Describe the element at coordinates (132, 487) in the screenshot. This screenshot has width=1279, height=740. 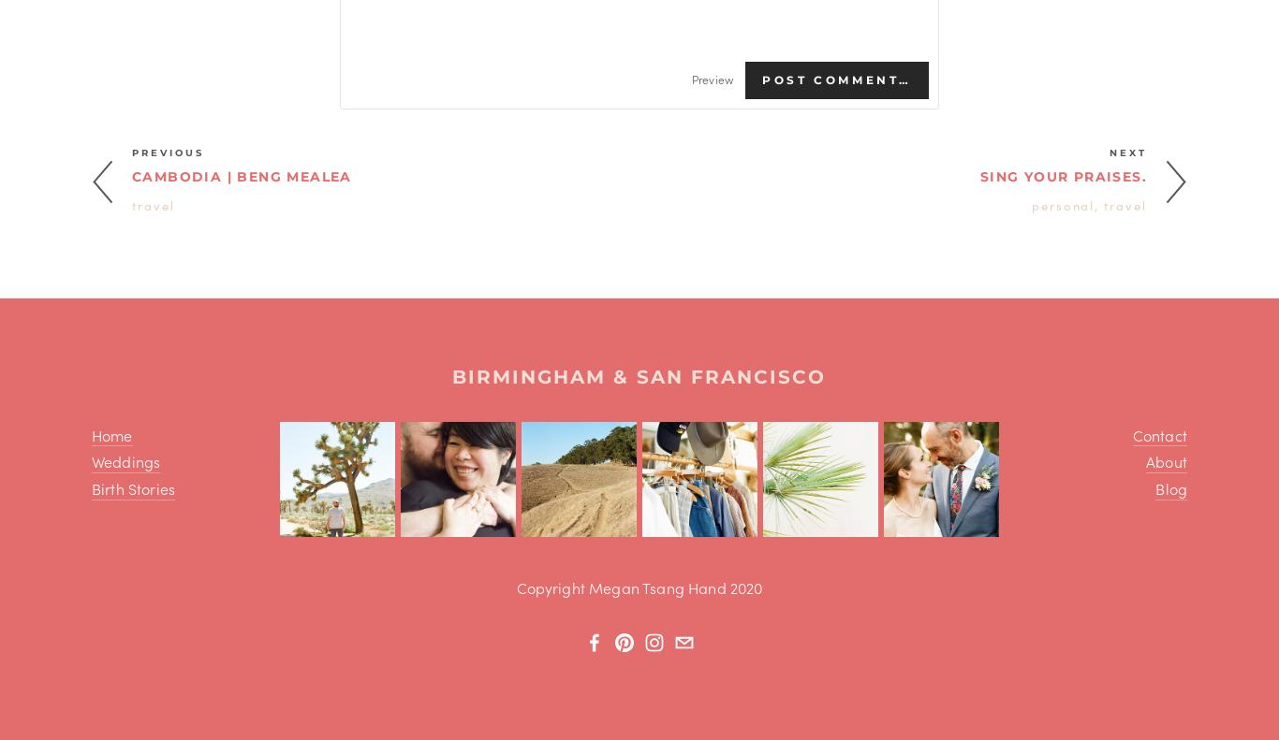
I see `'Birth Stories'` at that location.